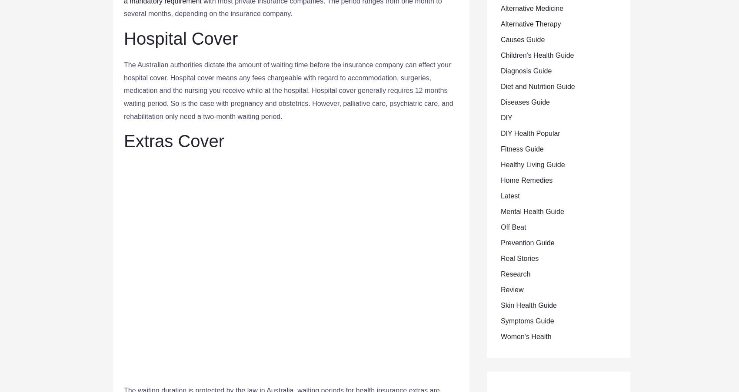 The height and width of the screenshot is (392, 739). What do you see at coordinates (173, 141) in the screenshot?
I see `'Extras Cover'` at bounding box center [173, 141].